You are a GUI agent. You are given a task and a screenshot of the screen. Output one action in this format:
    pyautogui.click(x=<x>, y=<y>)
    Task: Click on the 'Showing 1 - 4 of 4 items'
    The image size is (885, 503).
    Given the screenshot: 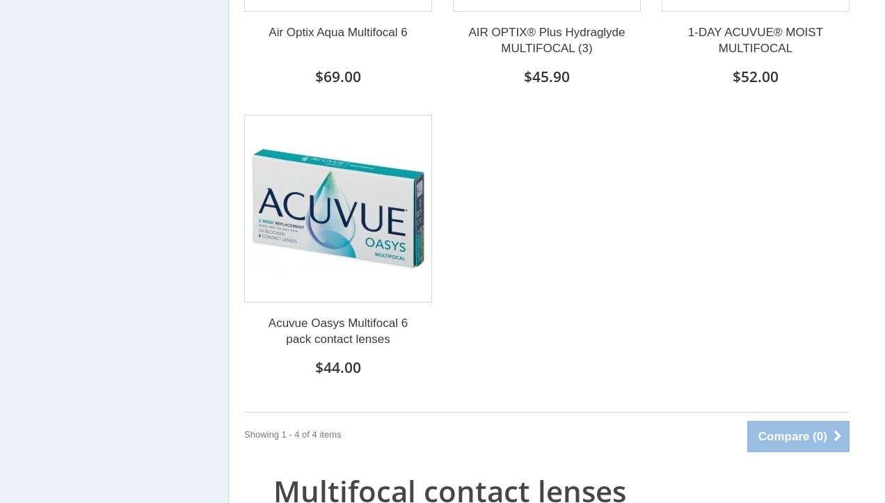 What is the action you would take?
    pyautogui.click(x=243, y=433)
    